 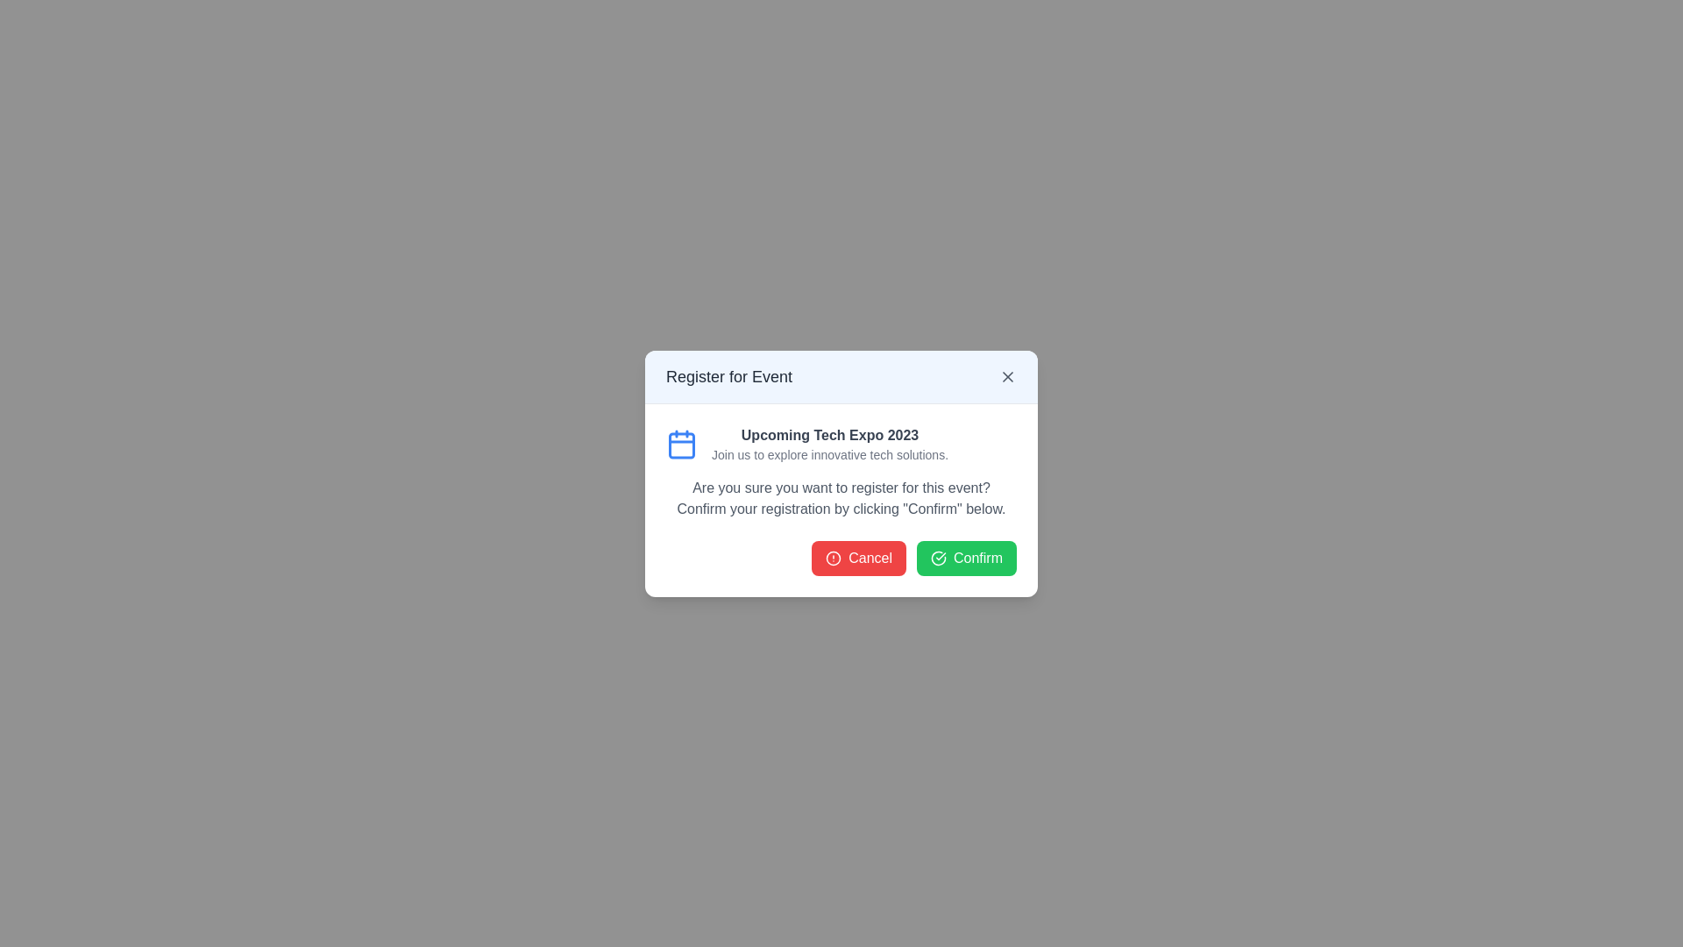 What do you see at coordinates (728, 375) in the screenshot?
I see `the static text heading that indicates the registration process for an event in the modal dialog` at bounding box center [728, 375].